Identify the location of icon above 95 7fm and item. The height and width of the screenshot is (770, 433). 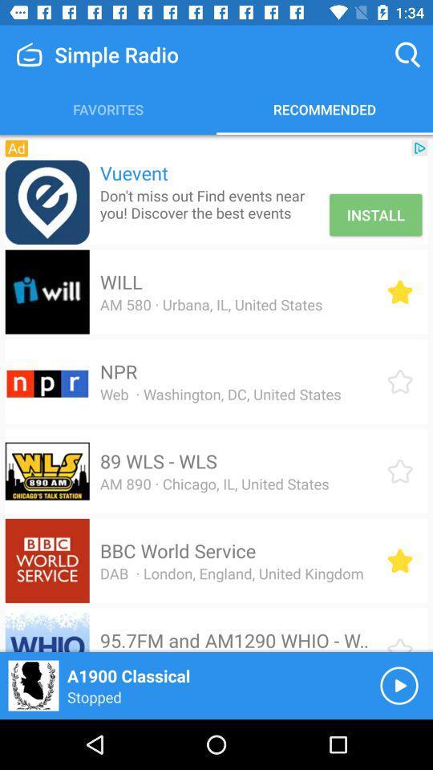
(231, 573).